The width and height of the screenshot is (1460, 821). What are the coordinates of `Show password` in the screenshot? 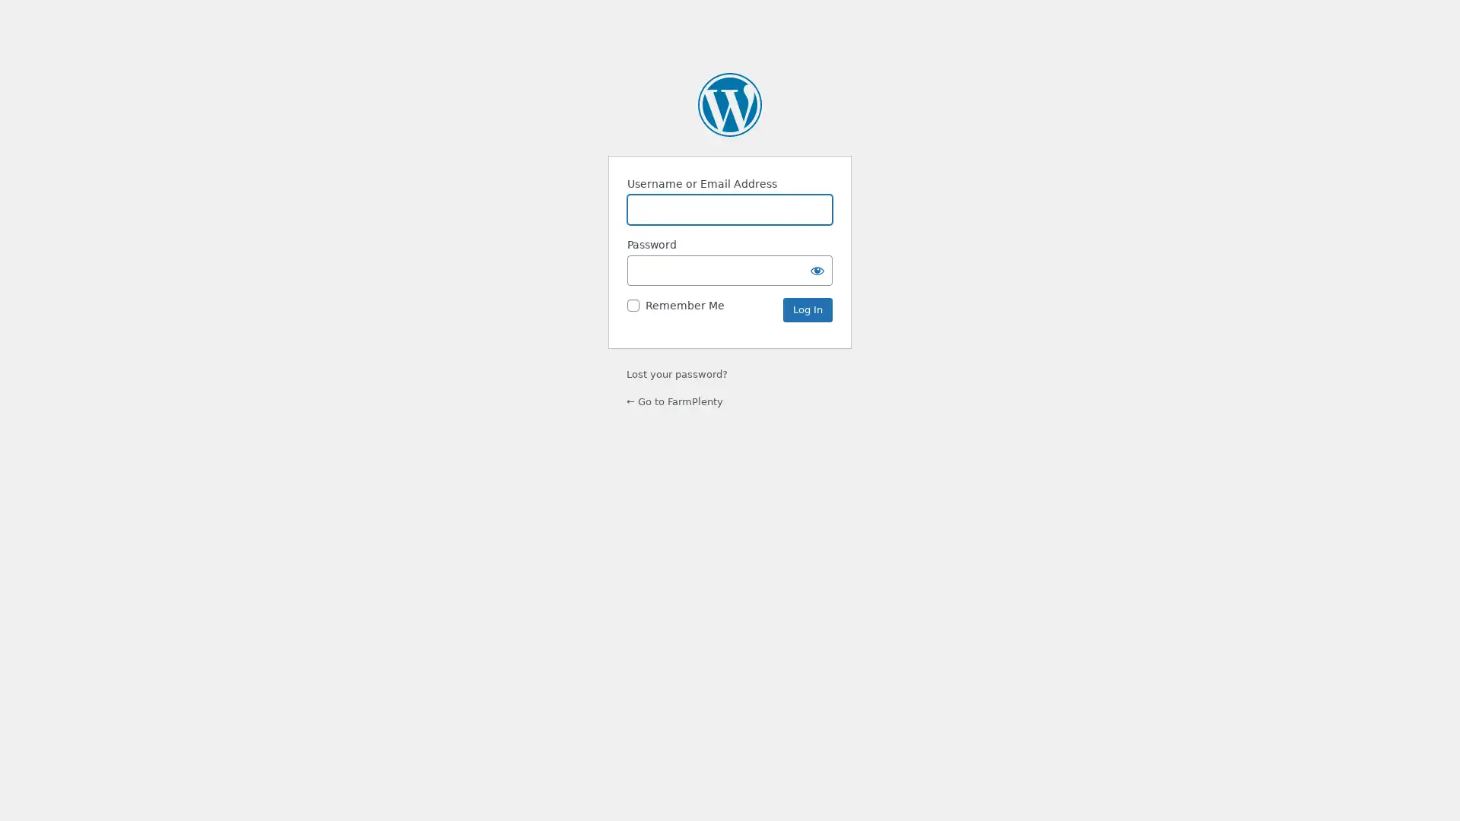 It's located at (817, 269).